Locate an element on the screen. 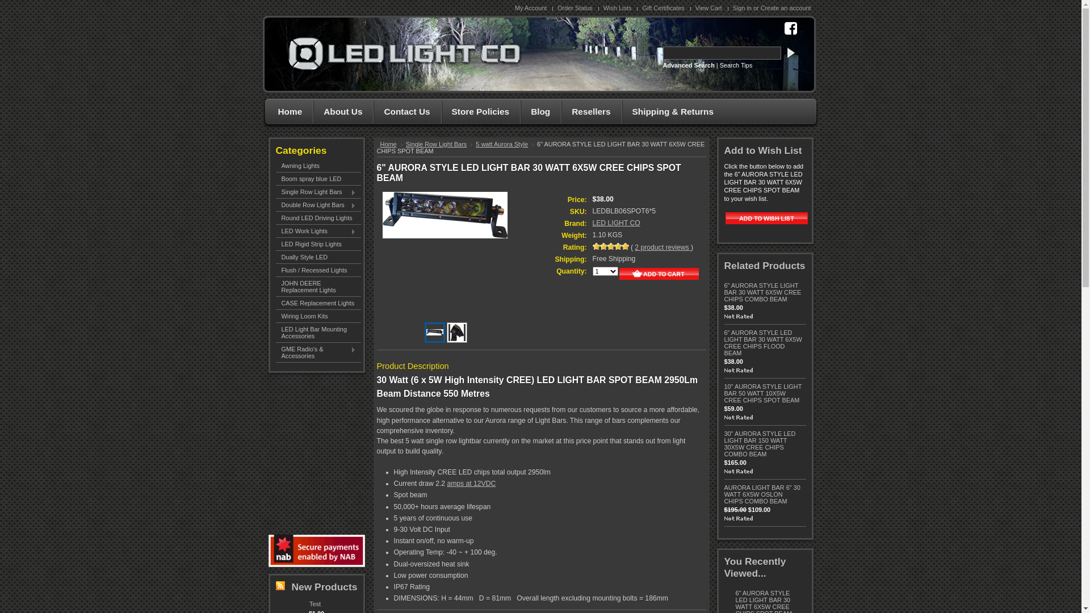  'Gift Certificates' is located at coordinates (664, 8).